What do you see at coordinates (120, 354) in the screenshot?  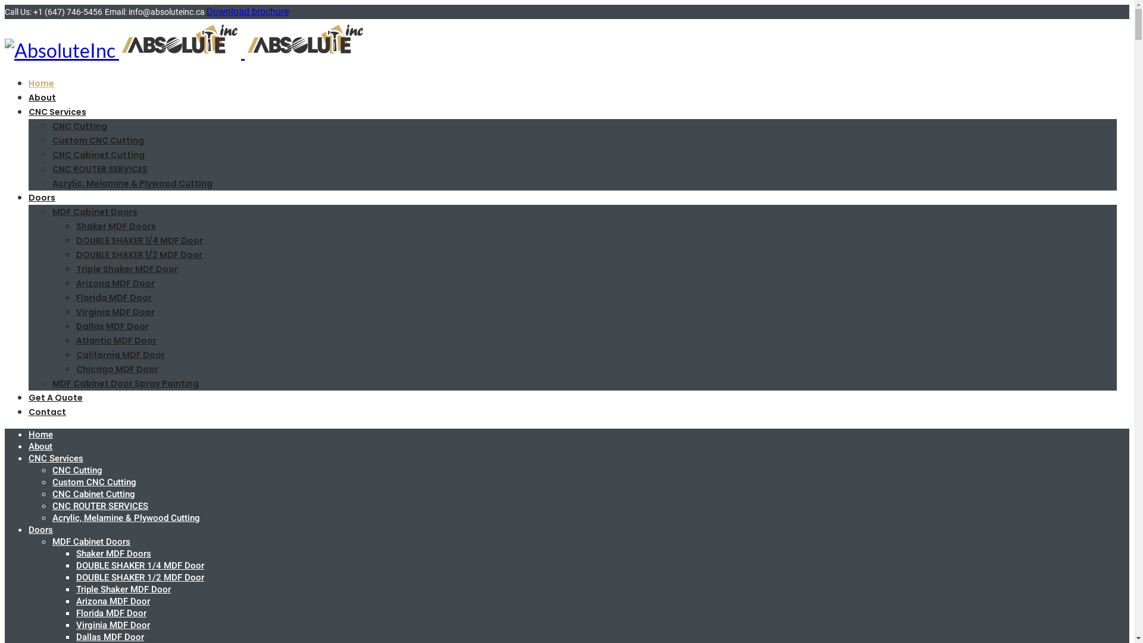 I see `'California MDF Door'` at bounding box center [120, 354].